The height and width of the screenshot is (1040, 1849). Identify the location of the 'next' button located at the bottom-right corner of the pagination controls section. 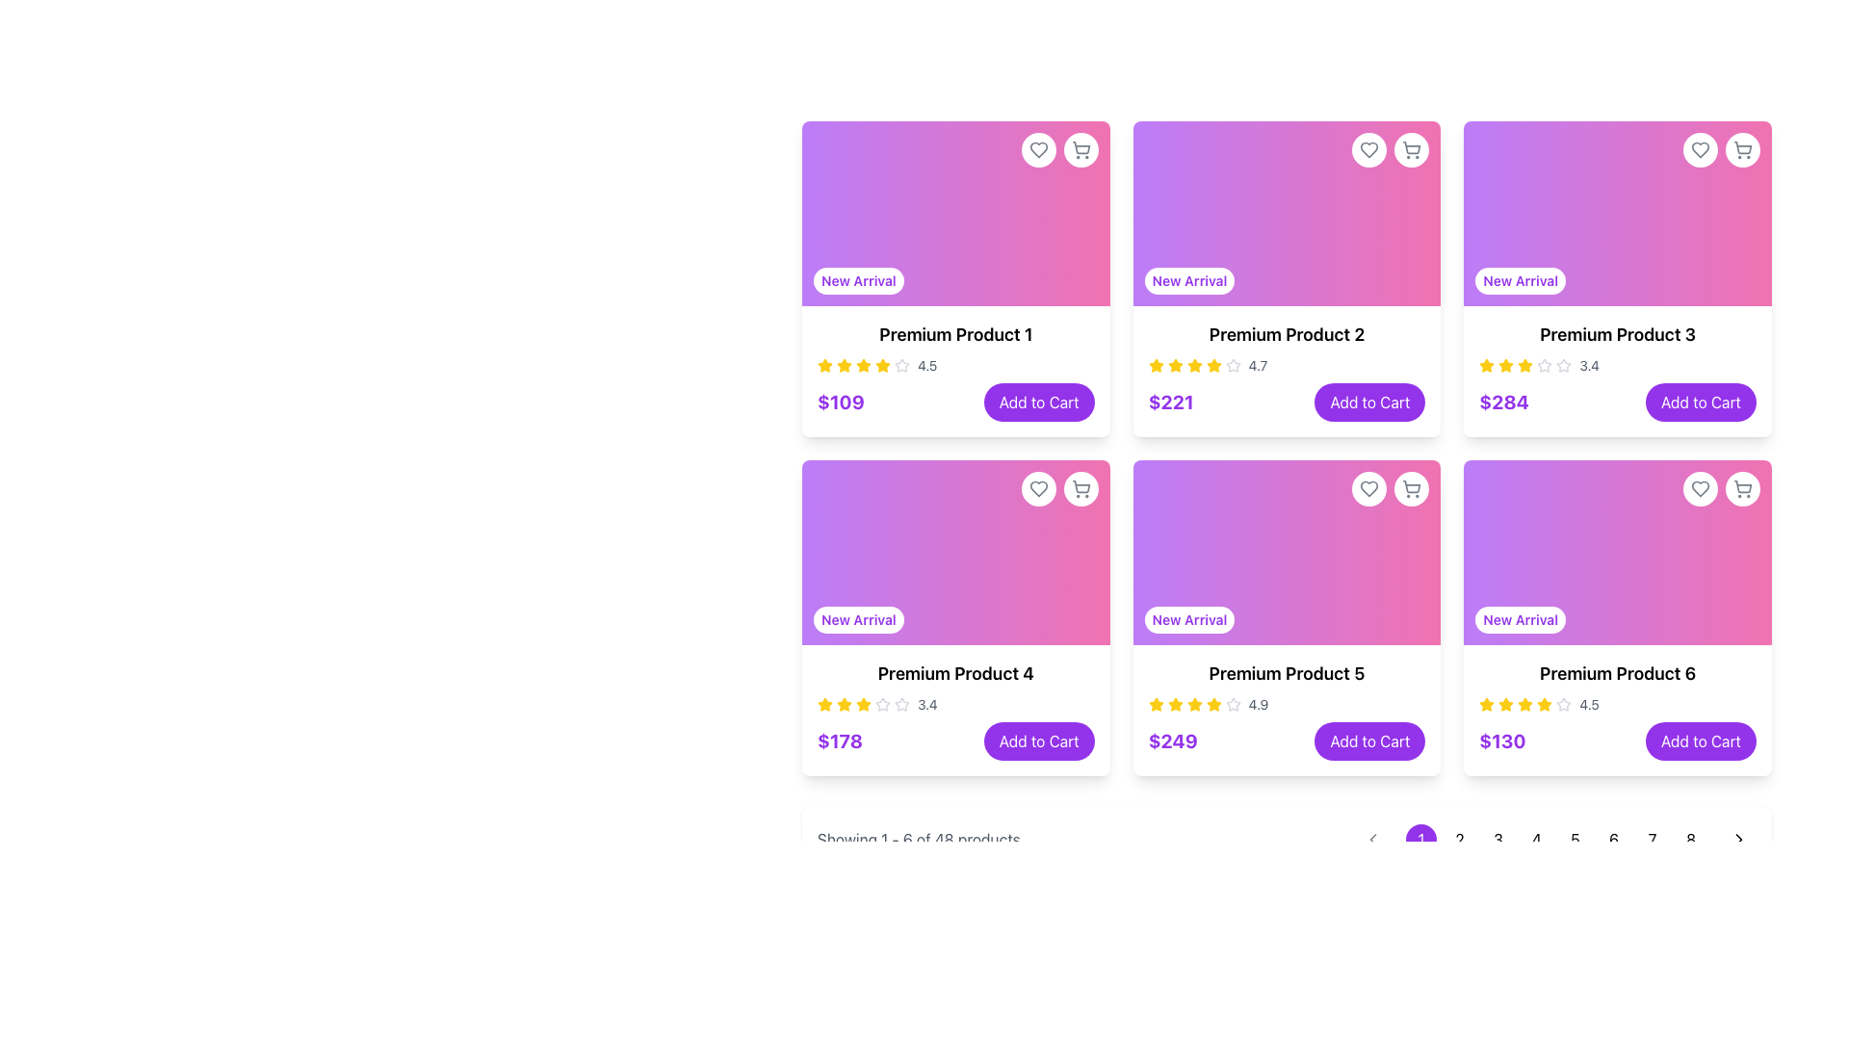
(1738, 838).